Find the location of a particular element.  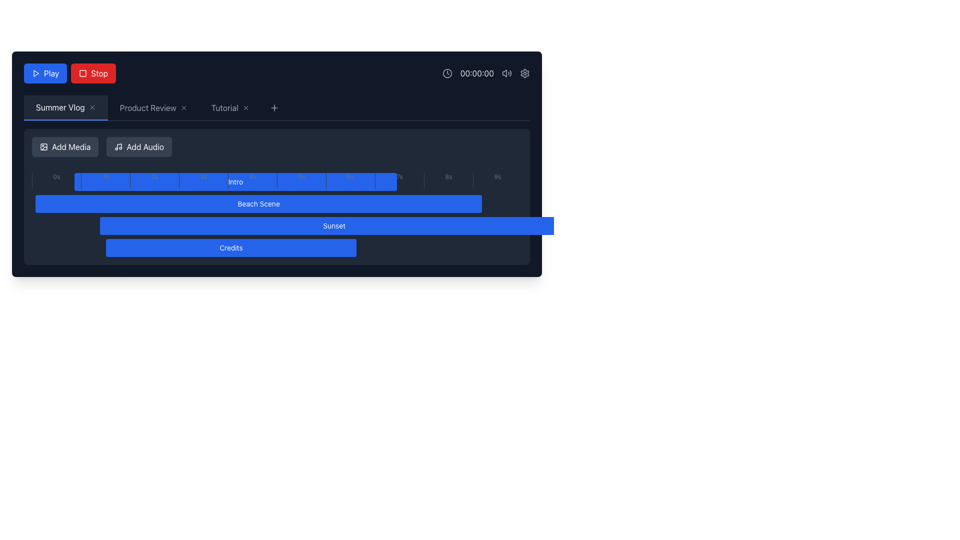

the text label inside the button that serves to stop video playback, located next to the blue 'Play' button is located at coordinates (99, 72).